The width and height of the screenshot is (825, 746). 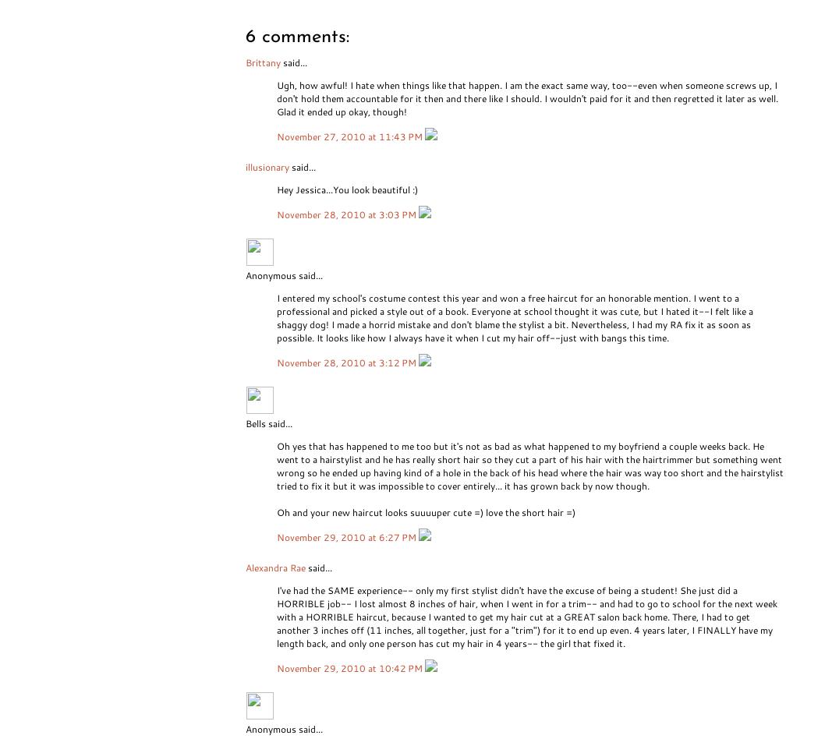 I want to click on 'Brittany', so click(x=244, y=62).